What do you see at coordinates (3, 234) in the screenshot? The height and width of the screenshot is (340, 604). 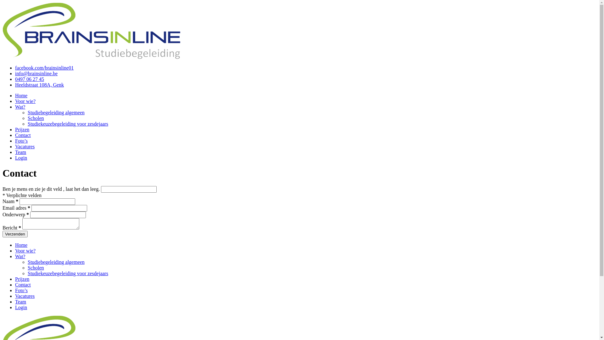 I see `'Verzenden'` at bounding box center [3, 234].